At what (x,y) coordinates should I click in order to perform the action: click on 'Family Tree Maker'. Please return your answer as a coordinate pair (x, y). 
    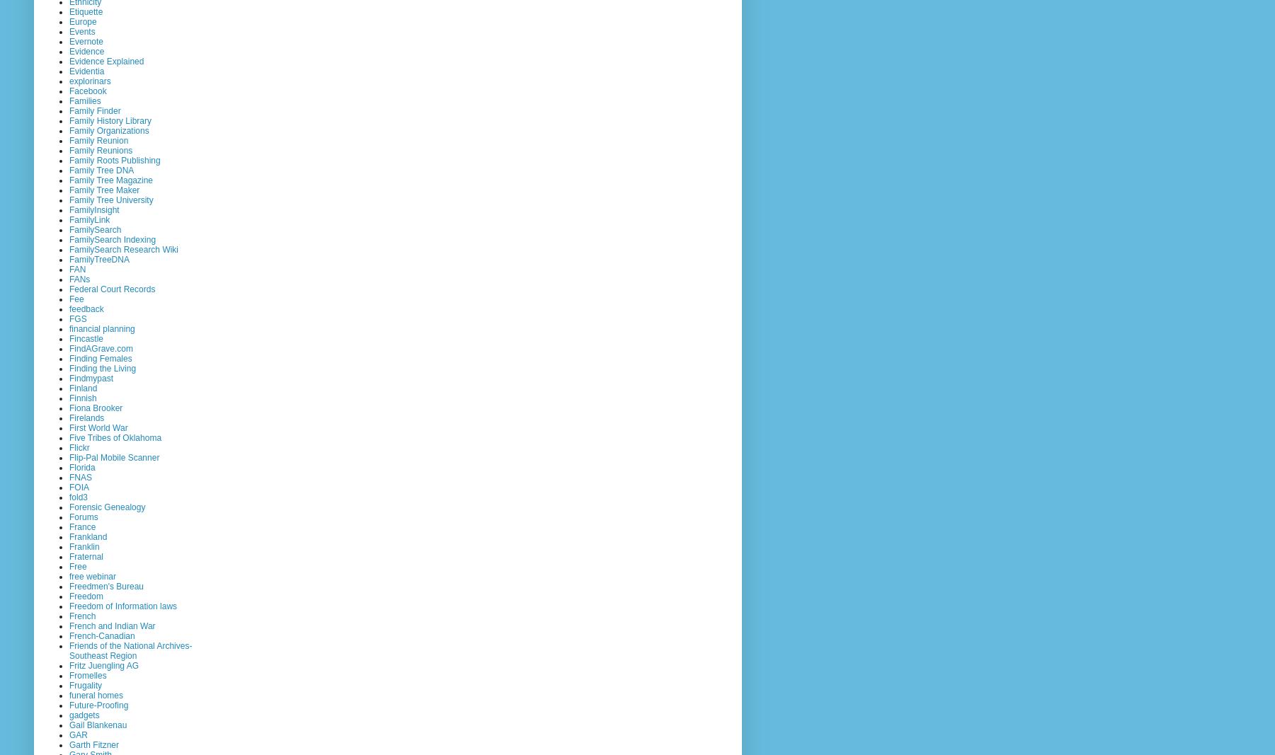
    Looking at the image, I should click on (104, 190).